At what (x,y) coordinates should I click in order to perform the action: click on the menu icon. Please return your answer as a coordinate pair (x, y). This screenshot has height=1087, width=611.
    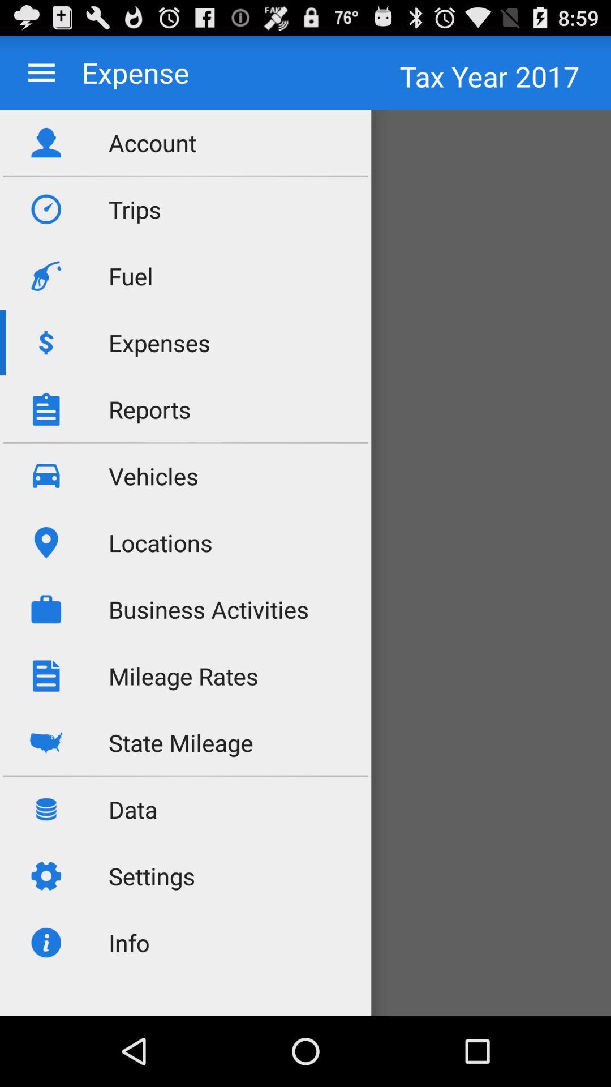
    Looking at the image, I should click on (41, 77).